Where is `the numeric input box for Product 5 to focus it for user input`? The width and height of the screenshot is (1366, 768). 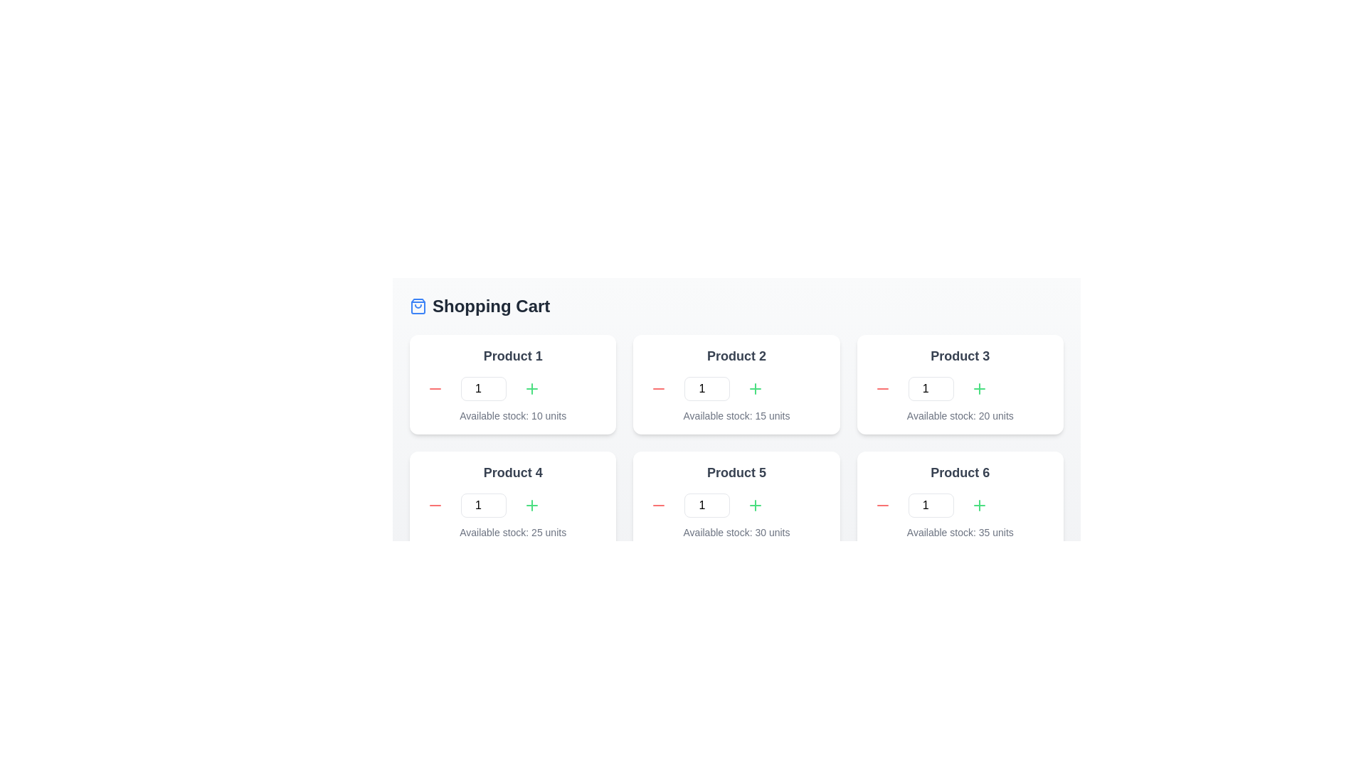
the numeric input box for Product 5 to focus it for user input is located at coordinates (707, 504).